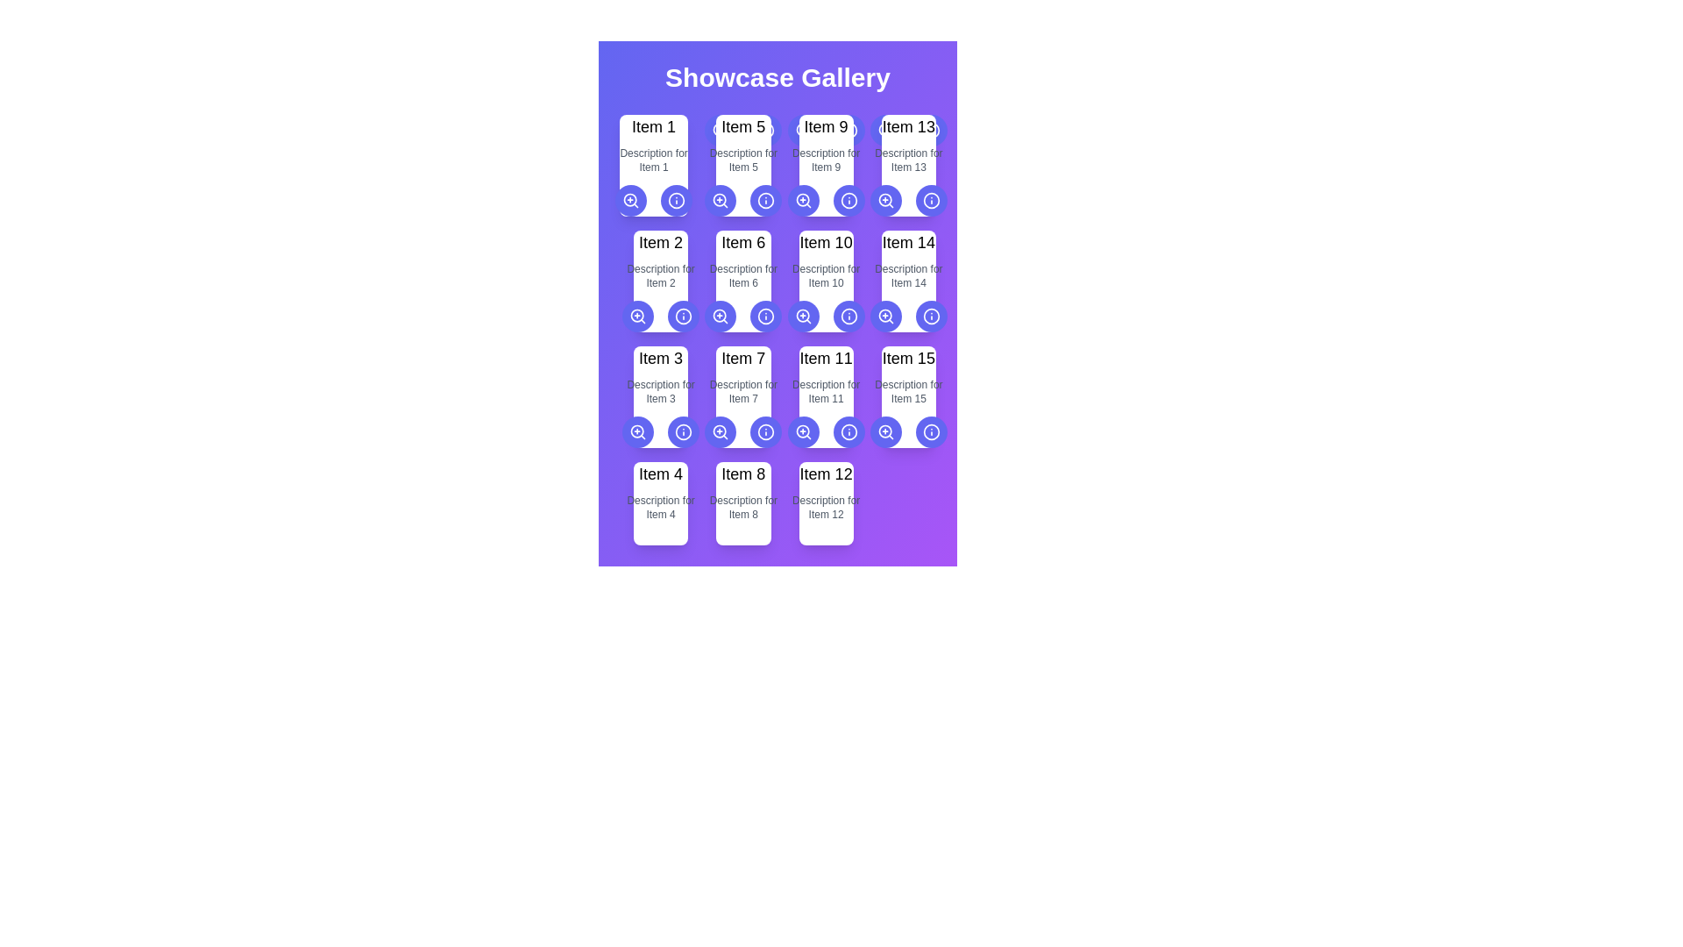  What do you see at coordinates (660, 357) in the screenshot?
I see `text element representing the card title for 'Item 3', located in the second row and first column of the grid under the 'Showcase Gallery'` at bounding box center [660, 357].